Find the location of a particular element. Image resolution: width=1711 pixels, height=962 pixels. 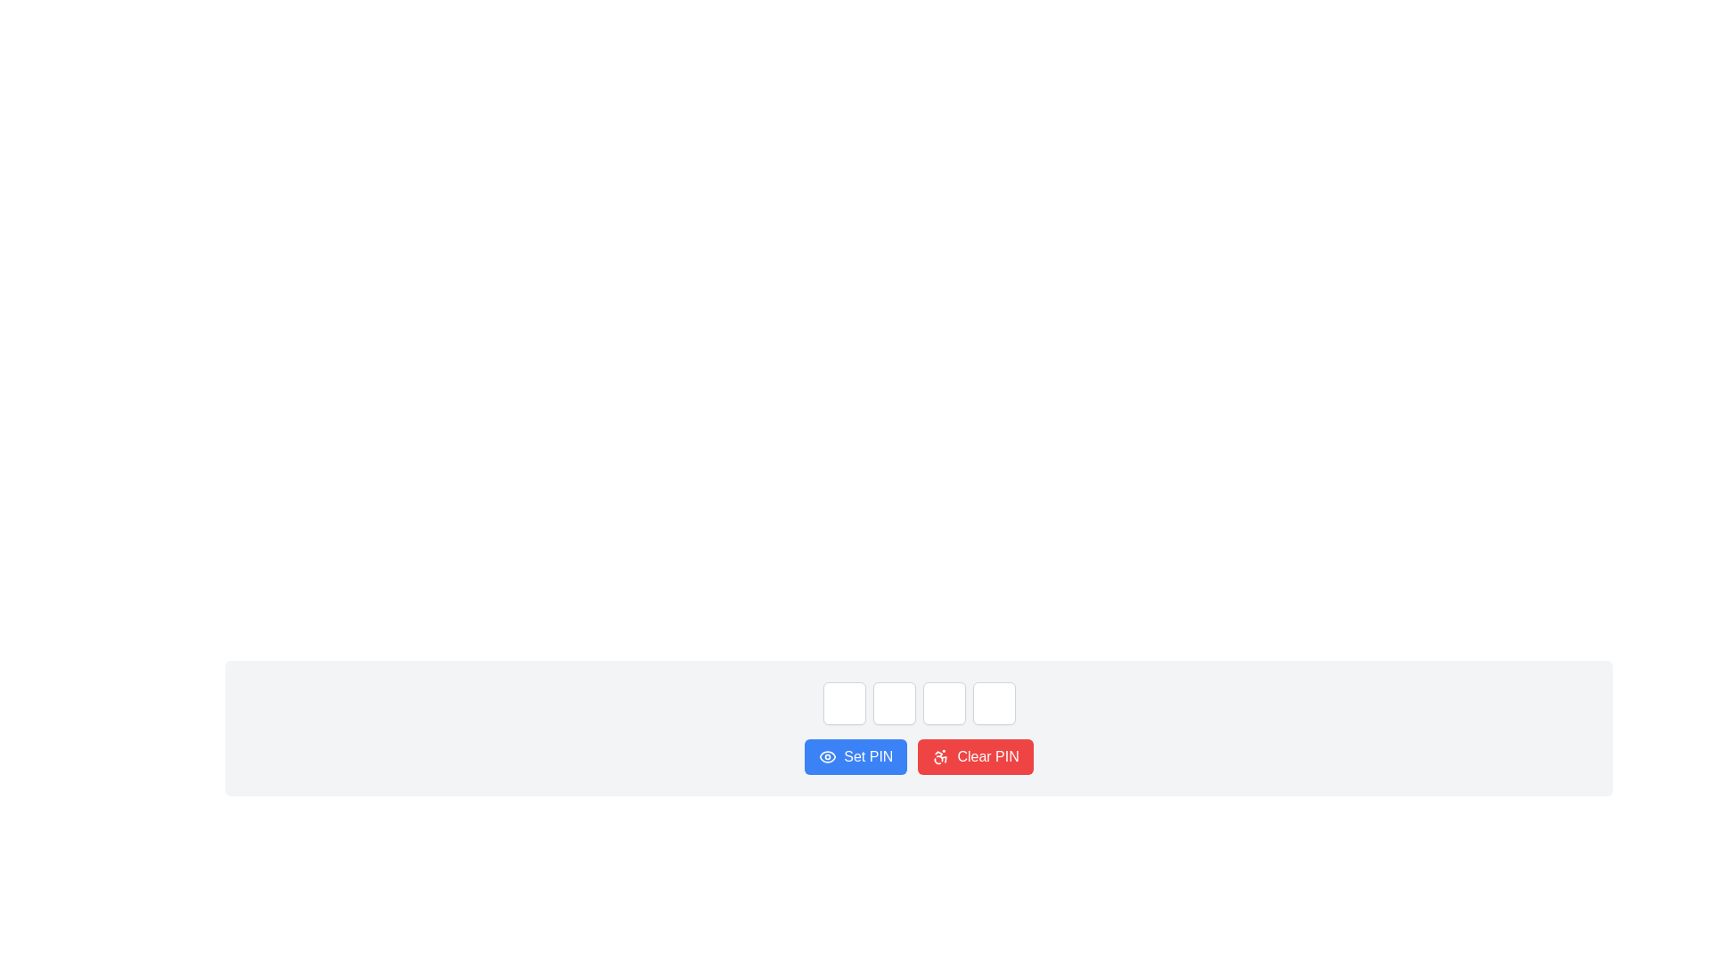

to focus on the third input box in a horizontal sequence of four identical boxes, located above the 'Set PIN' and 'Clear PIN' buttons is located at coordinates (943, 703).